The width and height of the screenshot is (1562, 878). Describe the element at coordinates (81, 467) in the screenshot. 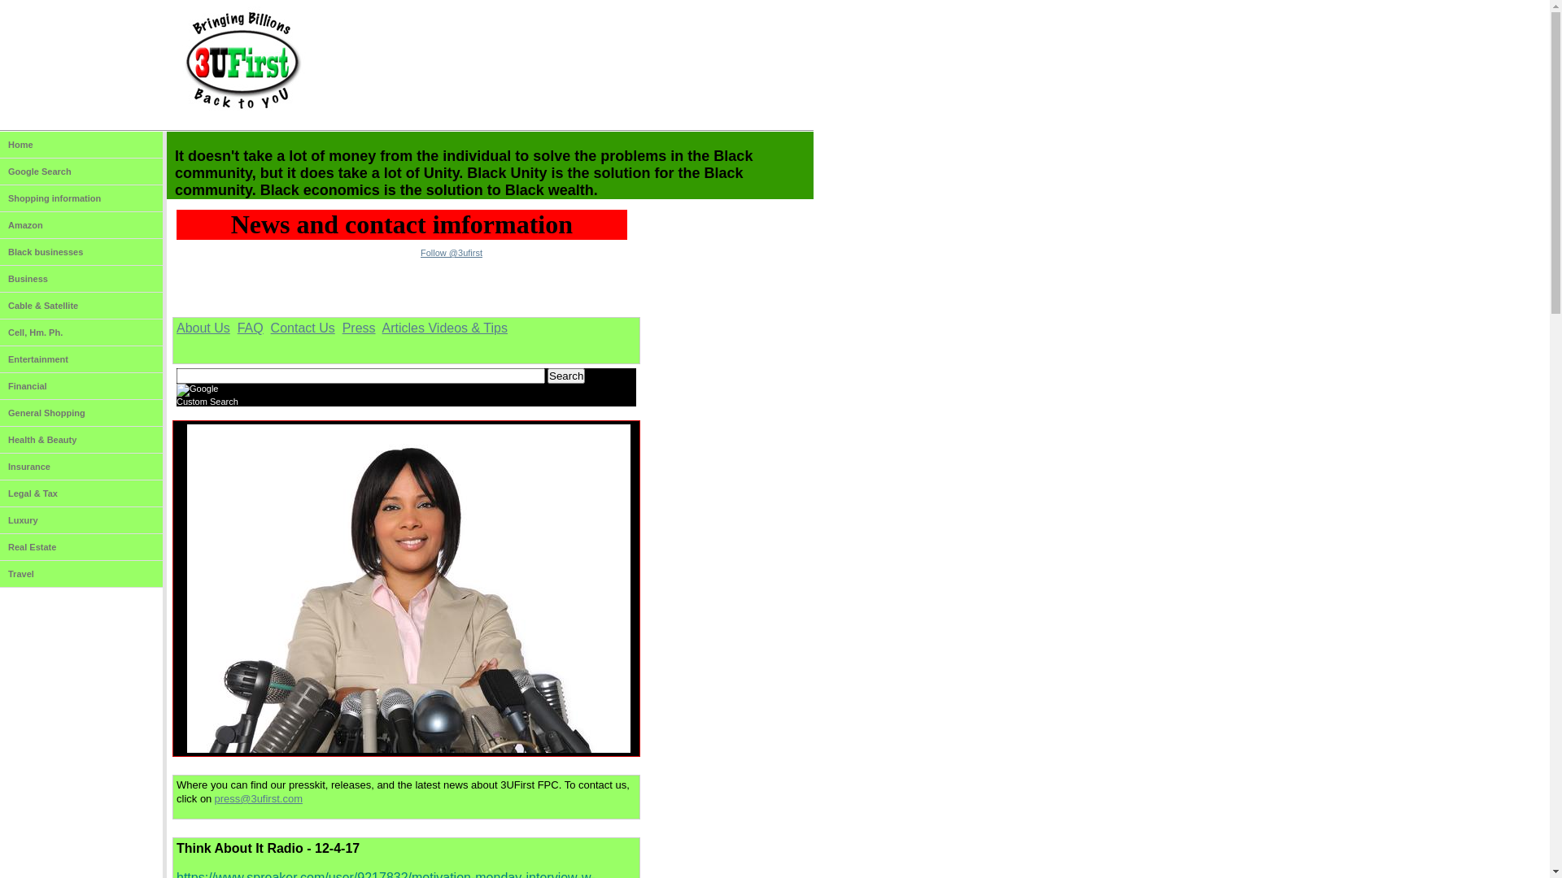

I see `'Insurance'` at that location.